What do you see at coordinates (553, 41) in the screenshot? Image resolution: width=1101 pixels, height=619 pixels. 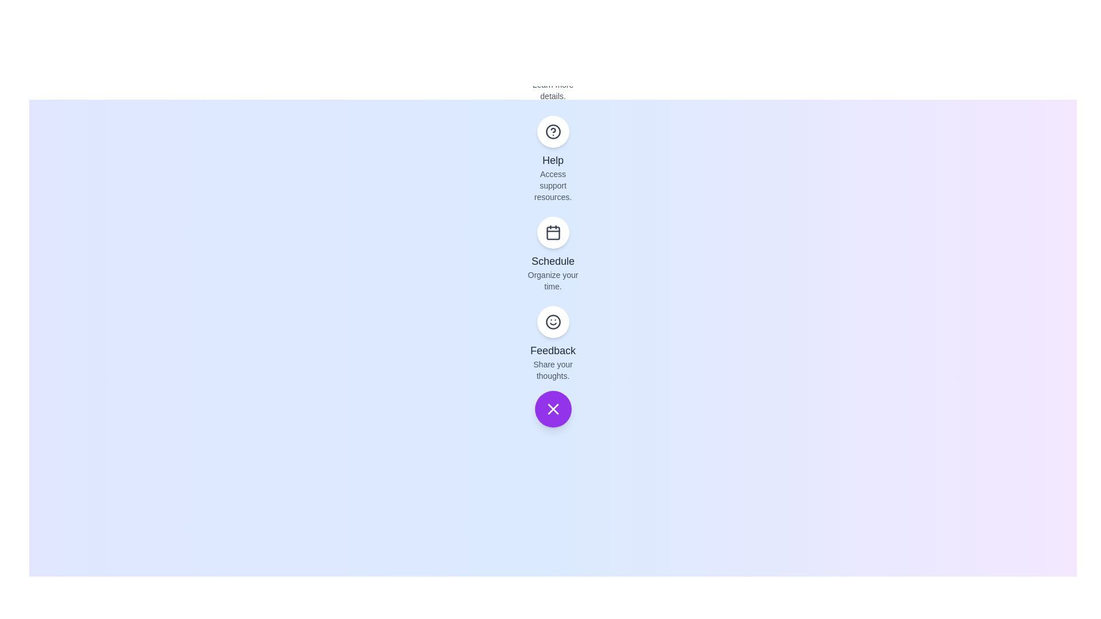 I see `the 'Information' button to learn more details` at bounding box center [553, 41].